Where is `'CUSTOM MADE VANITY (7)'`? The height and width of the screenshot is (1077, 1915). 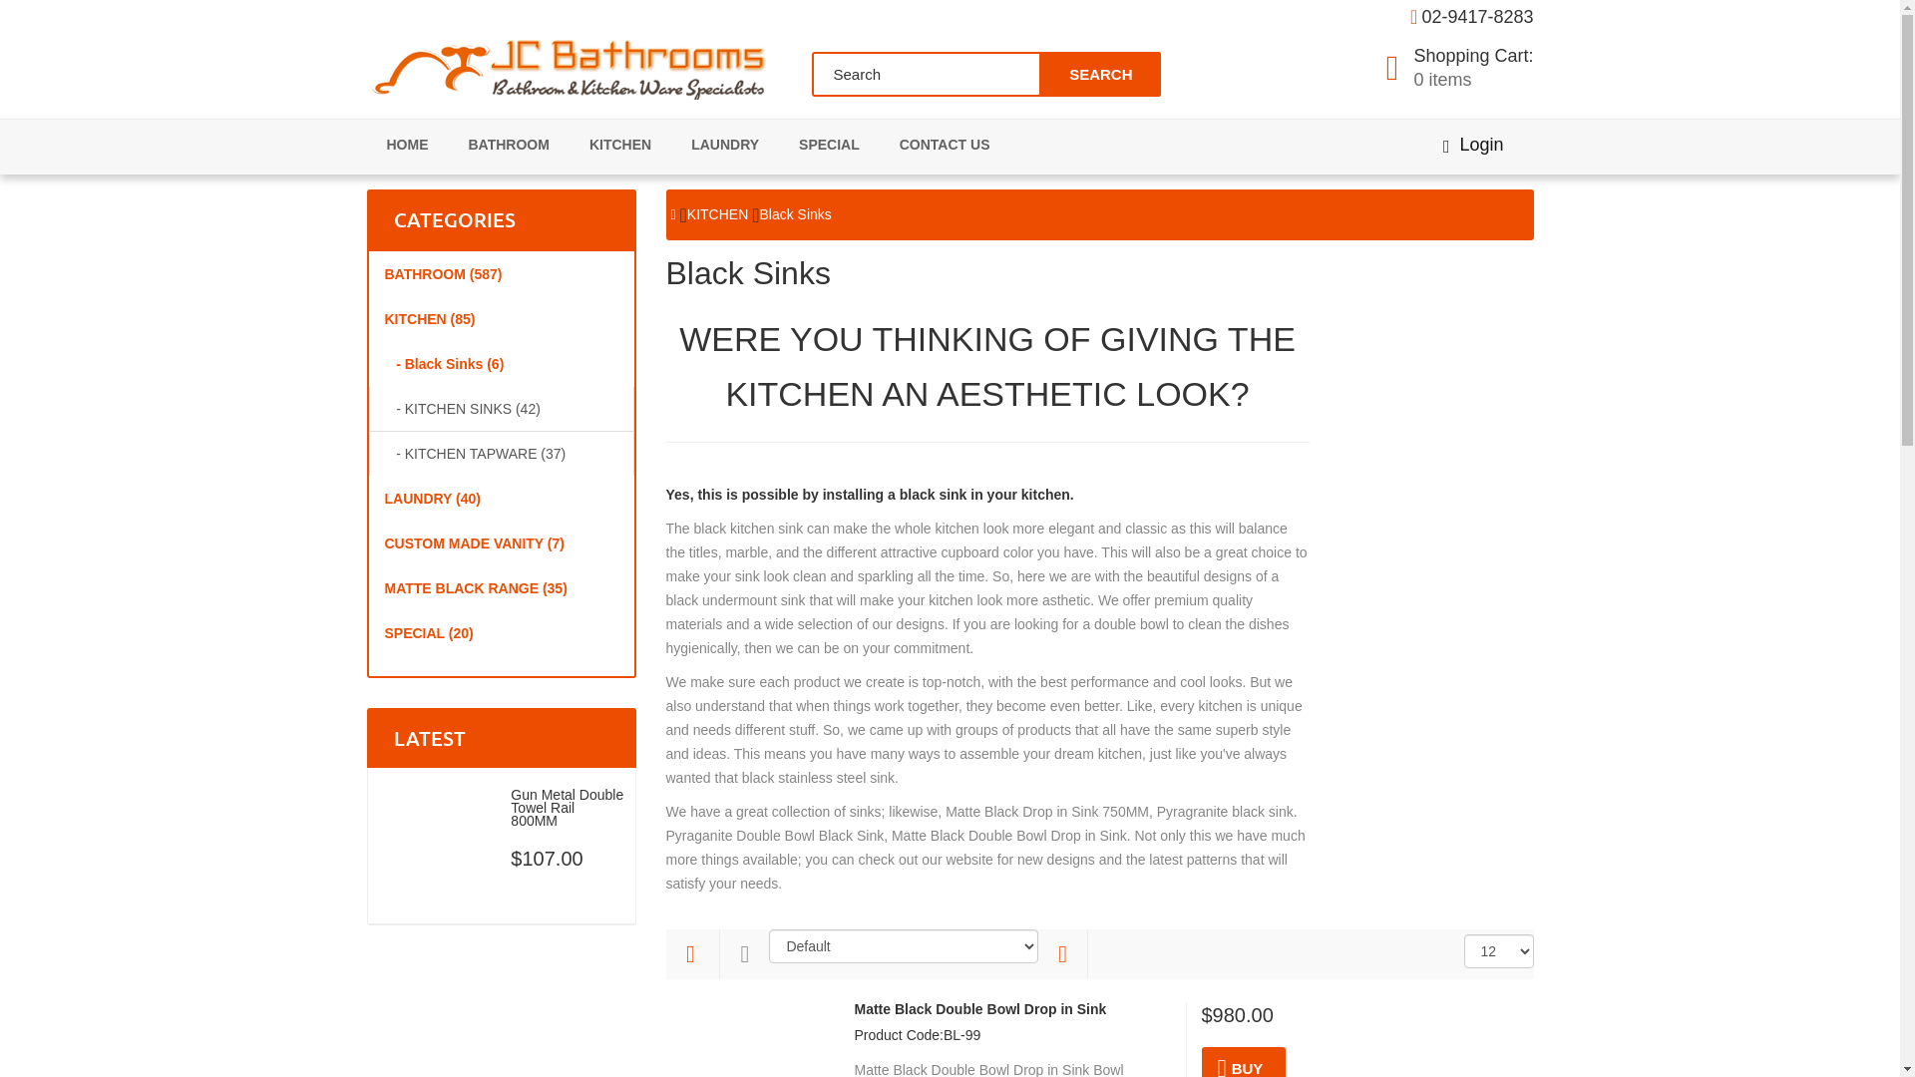 'CUSTOM MADE VANITY (7)' is located at coordinates (502, 542).